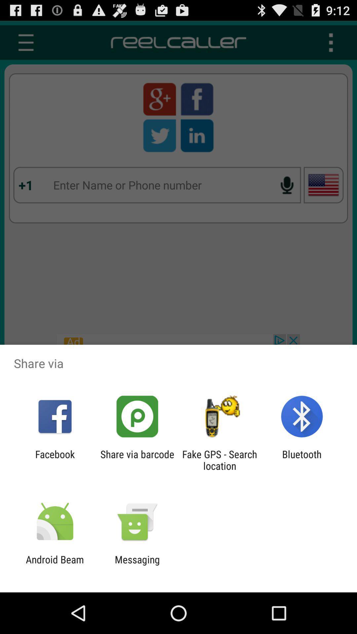  I want to click on facebook icon, so click(55, 460).